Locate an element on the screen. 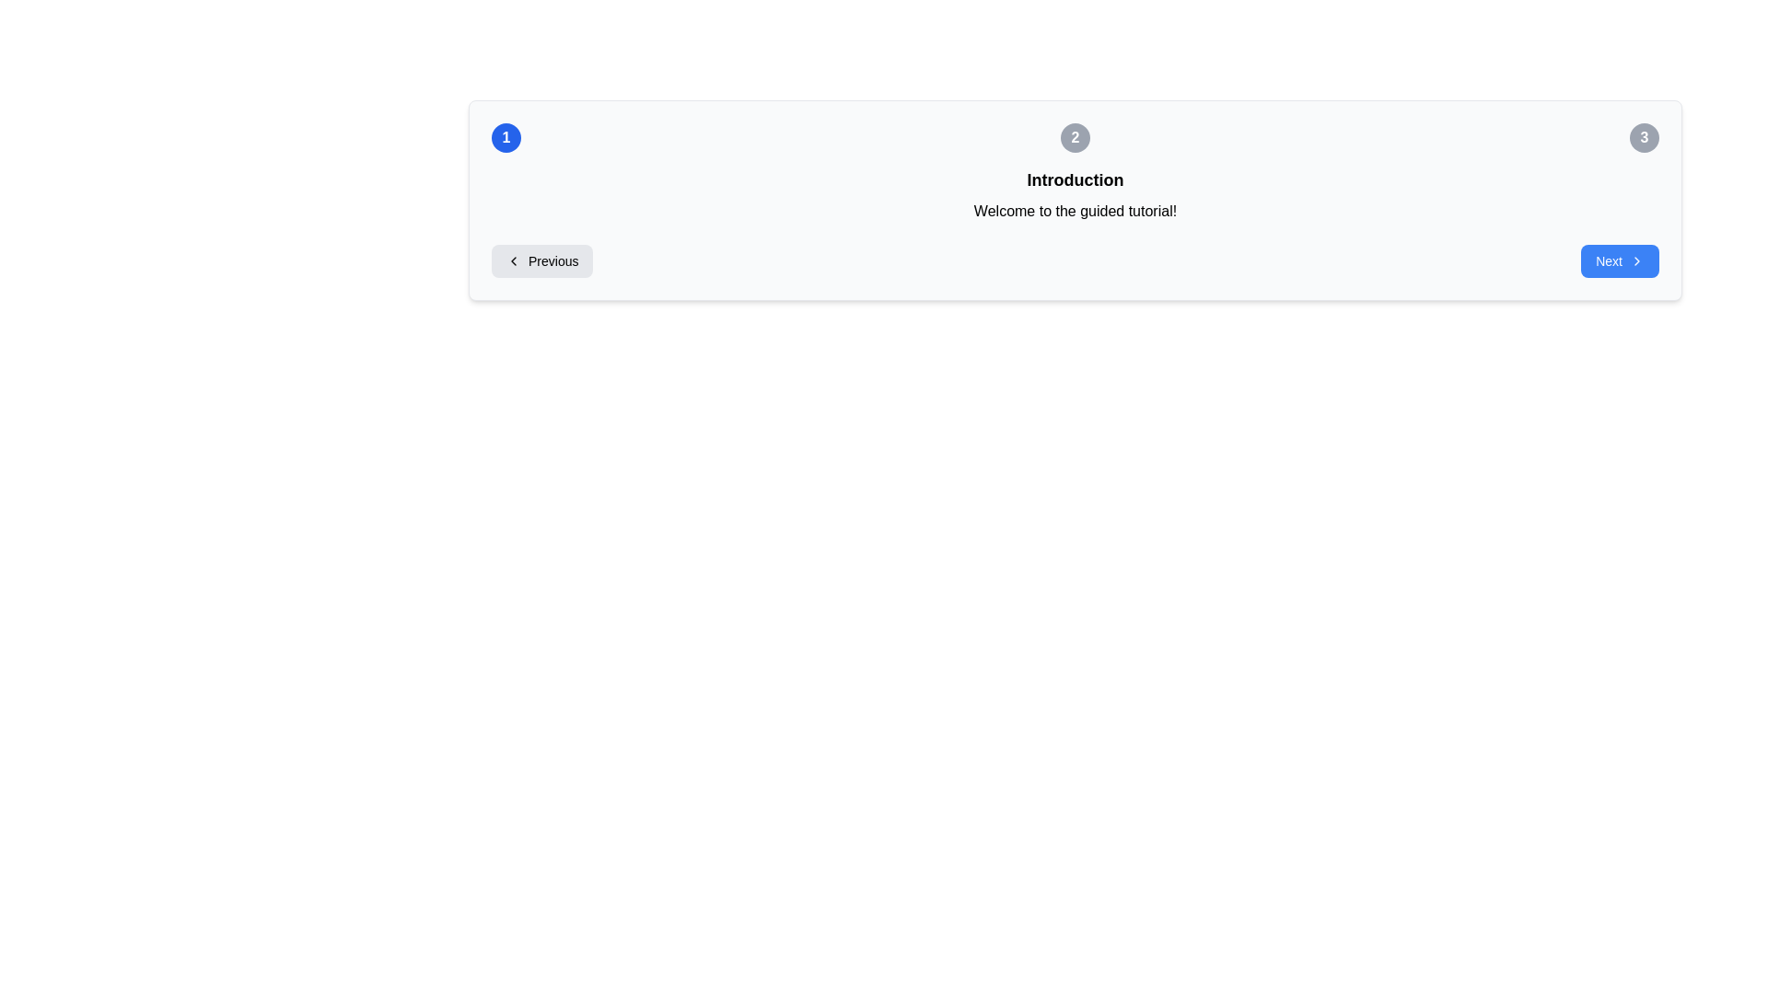  the third button in the horizontal arrangement of step indicators is located at coordinates (1644, 137).